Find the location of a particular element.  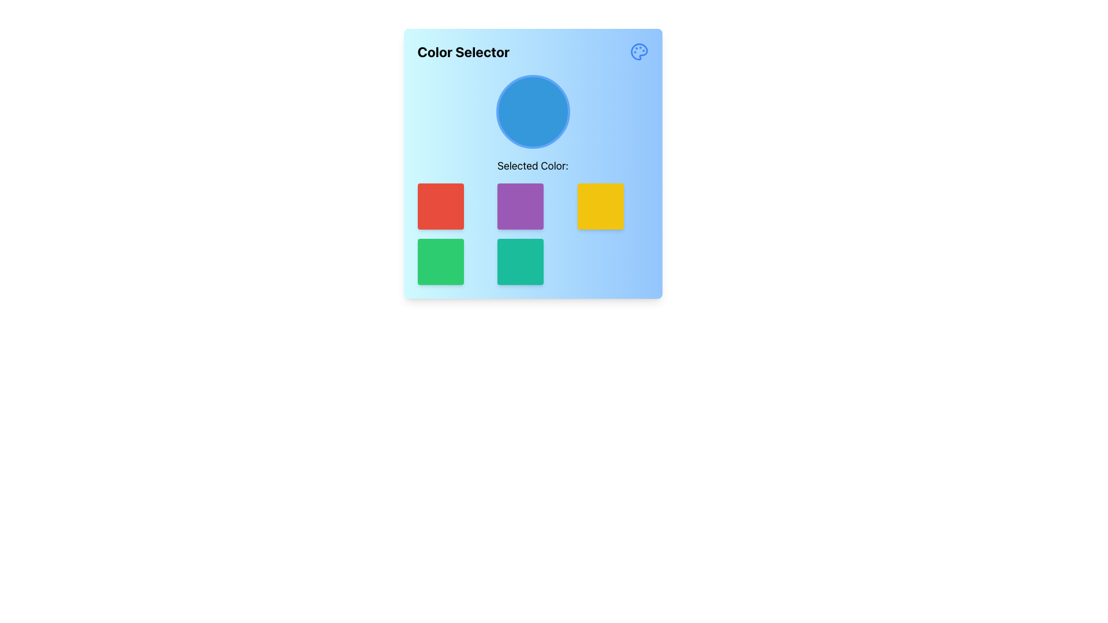

the interactive button located in the upper right corner of a purple square tile, which likely serves a deletion or removal function is located at coordinates (561, 190).